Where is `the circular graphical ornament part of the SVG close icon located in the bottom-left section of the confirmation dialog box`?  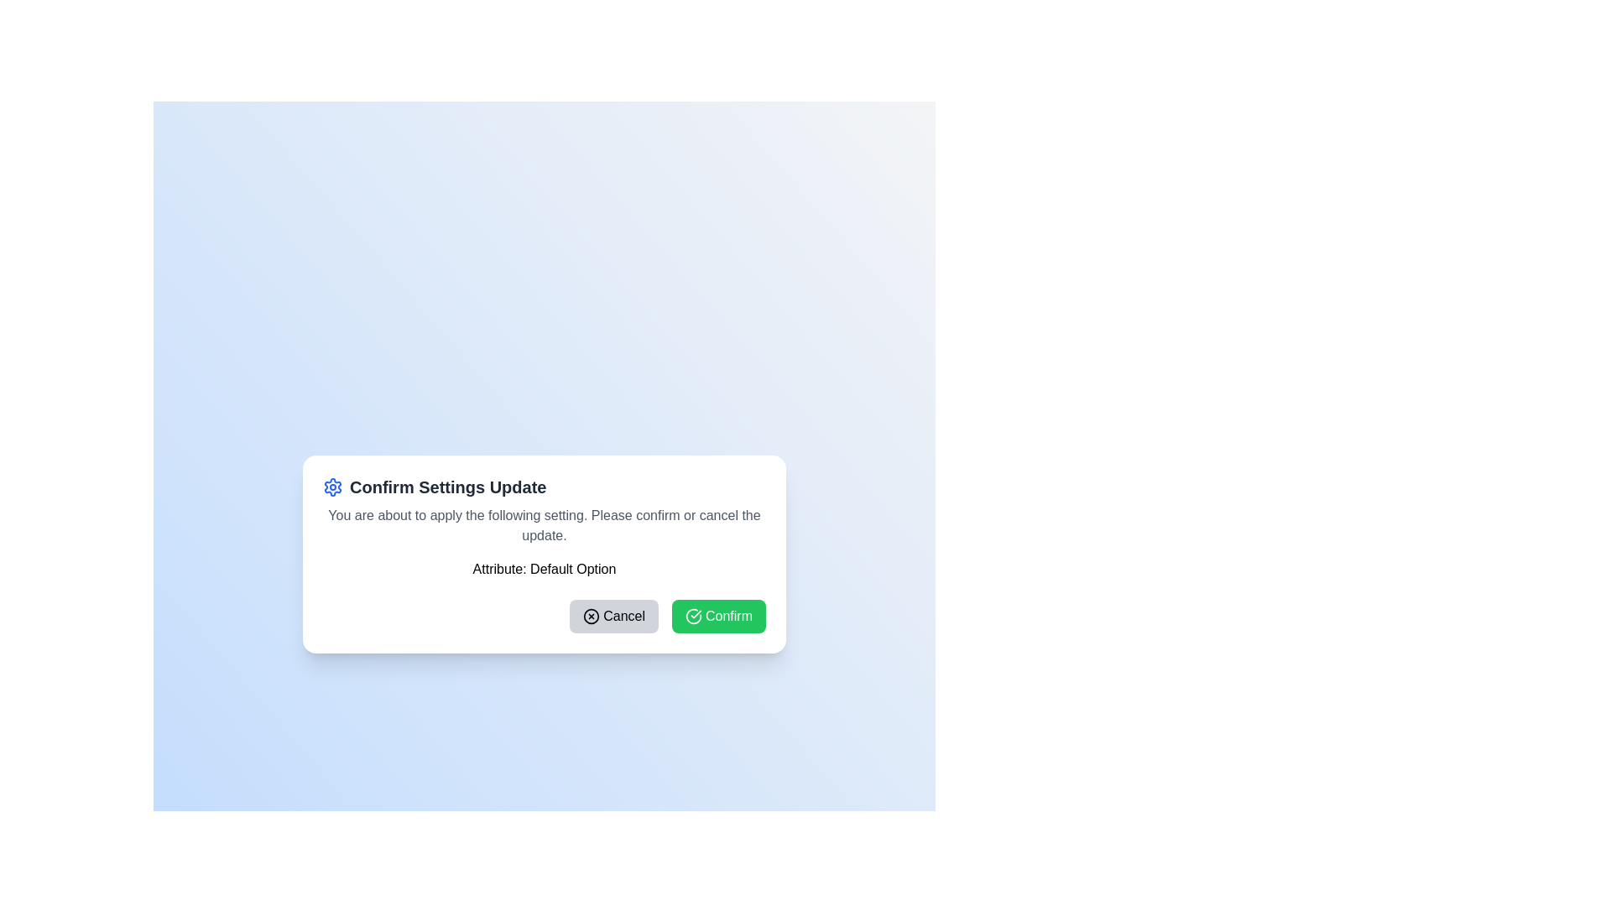
the circular graphical ornament part of the SVG close icon located in the bottom-left section of the confirmation dialog box is located at coordinates (592, 617).